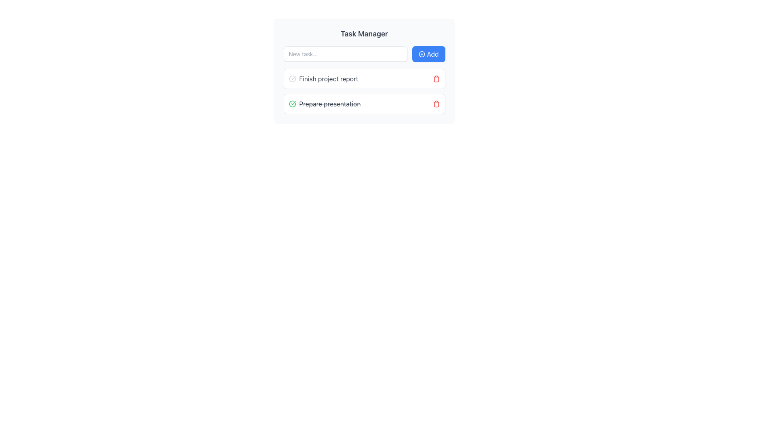  I want to click on the circular icon with a plus symbol in the center, which is styled with a blue background and white stroke lines, located inside the 'Add' button in the task management interface, so click(422, 54).